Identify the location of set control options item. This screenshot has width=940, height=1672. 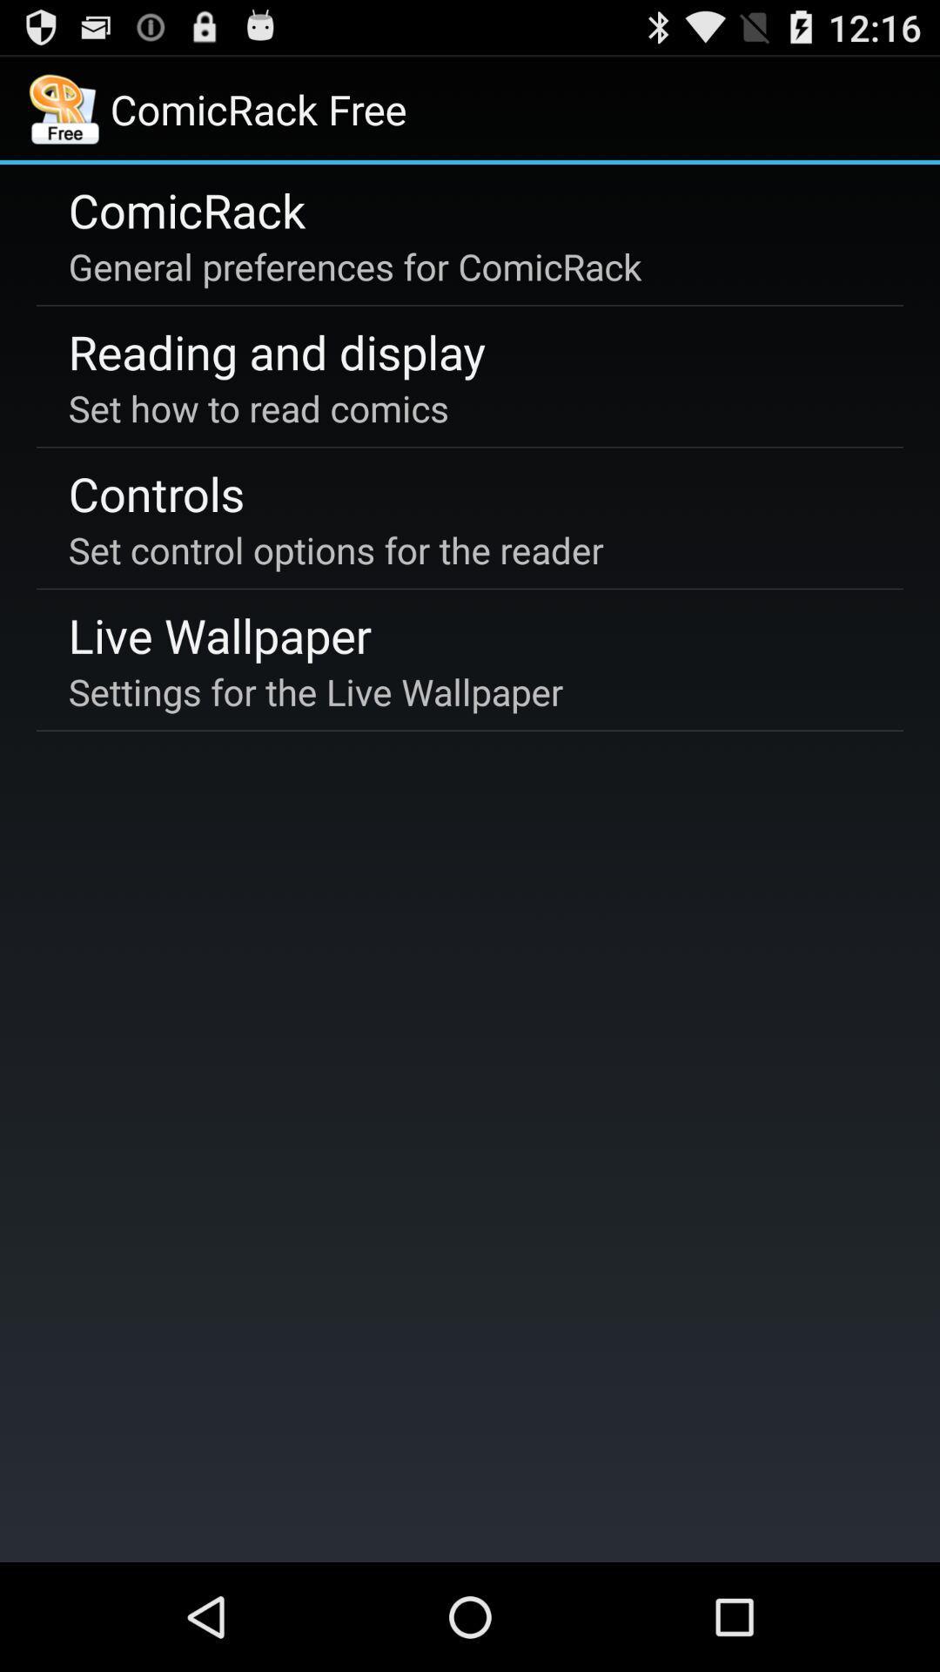
(336, 549).